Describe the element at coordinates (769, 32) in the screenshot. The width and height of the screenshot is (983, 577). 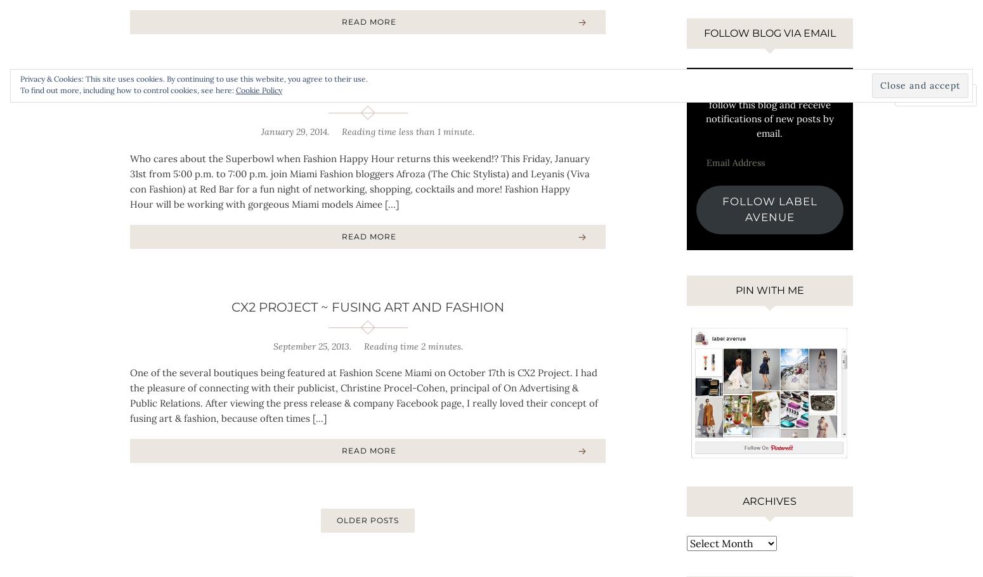
I see `'Follow Blog via Email'` at that location.